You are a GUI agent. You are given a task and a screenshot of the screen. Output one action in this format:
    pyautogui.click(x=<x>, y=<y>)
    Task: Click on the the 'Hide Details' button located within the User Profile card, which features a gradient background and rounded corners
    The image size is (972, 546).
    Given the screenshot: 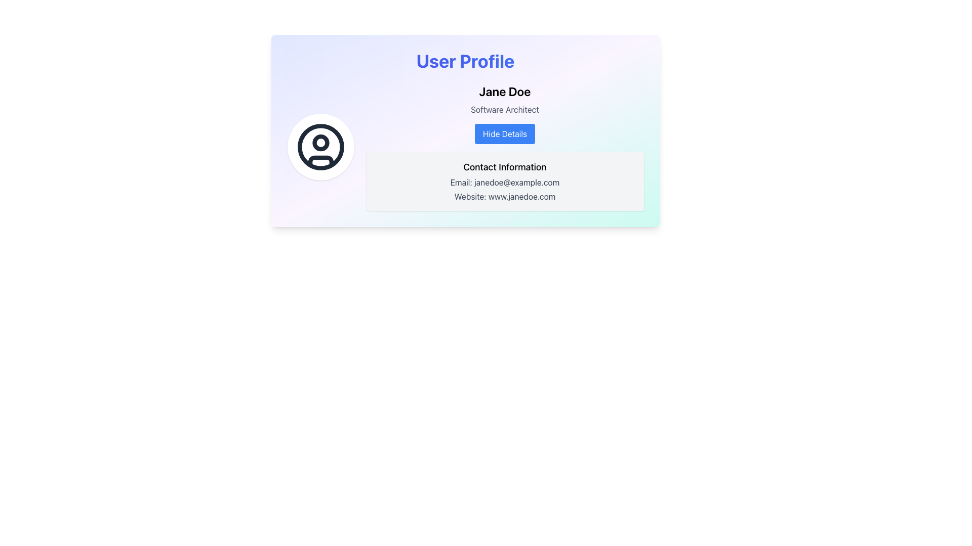 What is the action you would take?
    pyautogui.click(x=465, y=130)
    